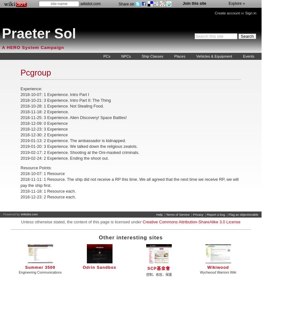  I want to click on 'NPCs', so click(126, 56).